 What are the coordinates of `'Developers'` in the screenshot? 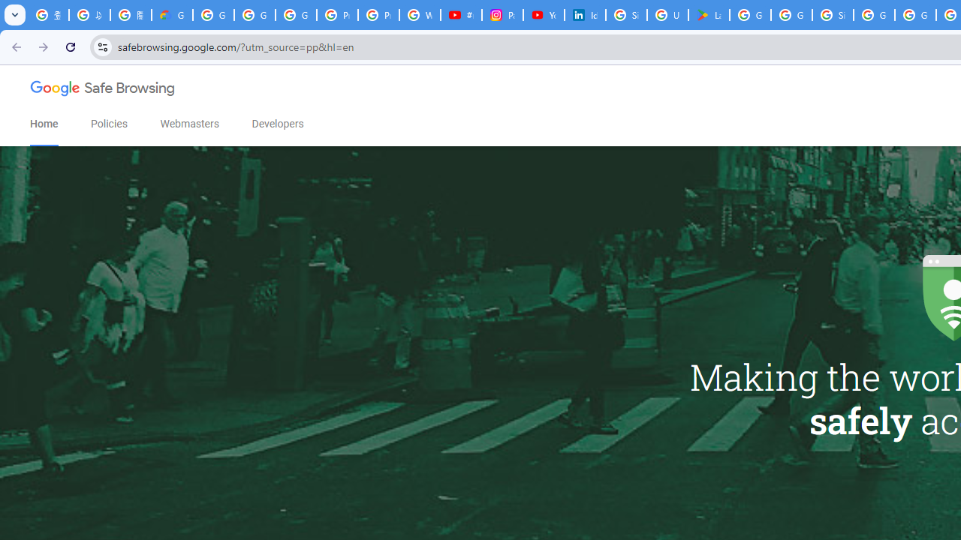 It's located at (277, 123).